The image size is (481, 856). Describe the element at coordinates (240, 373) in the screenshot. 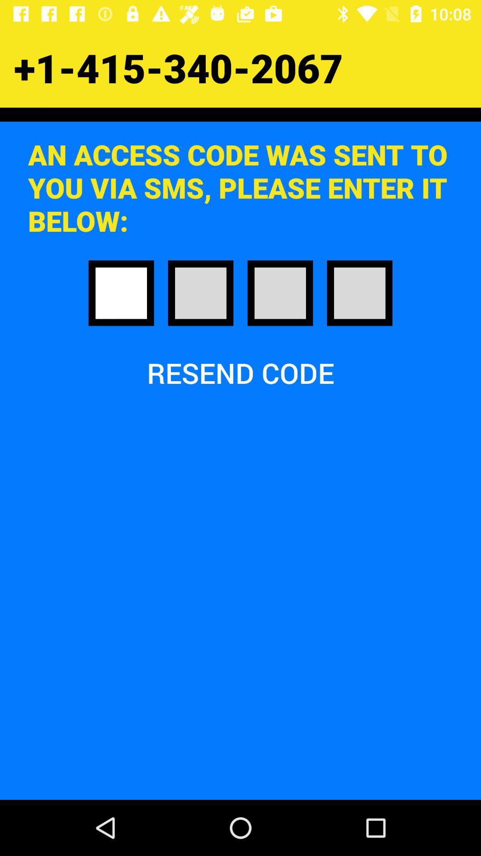

I see `the resend code` at that location.